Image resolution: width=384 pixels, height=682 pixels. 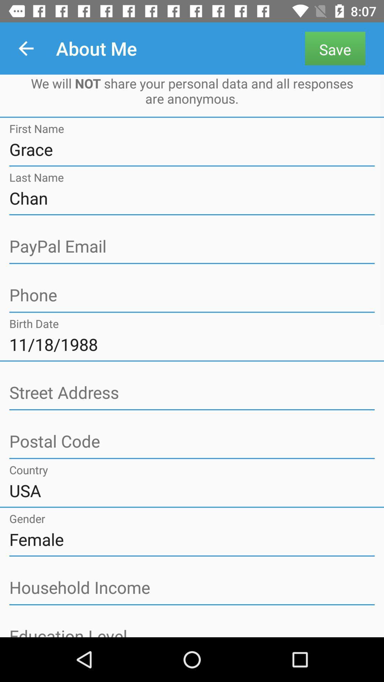 I want to click on street address input field, so click(x=192, y=393).